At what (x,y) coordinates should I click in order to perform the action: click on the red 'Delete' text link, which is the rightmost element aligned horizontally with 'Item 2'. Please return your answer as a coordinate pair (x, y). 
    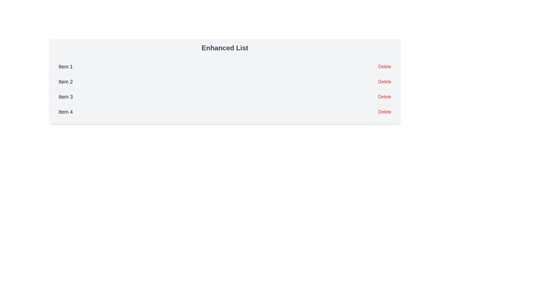
    Looking at the image, I should click on (384, 82).